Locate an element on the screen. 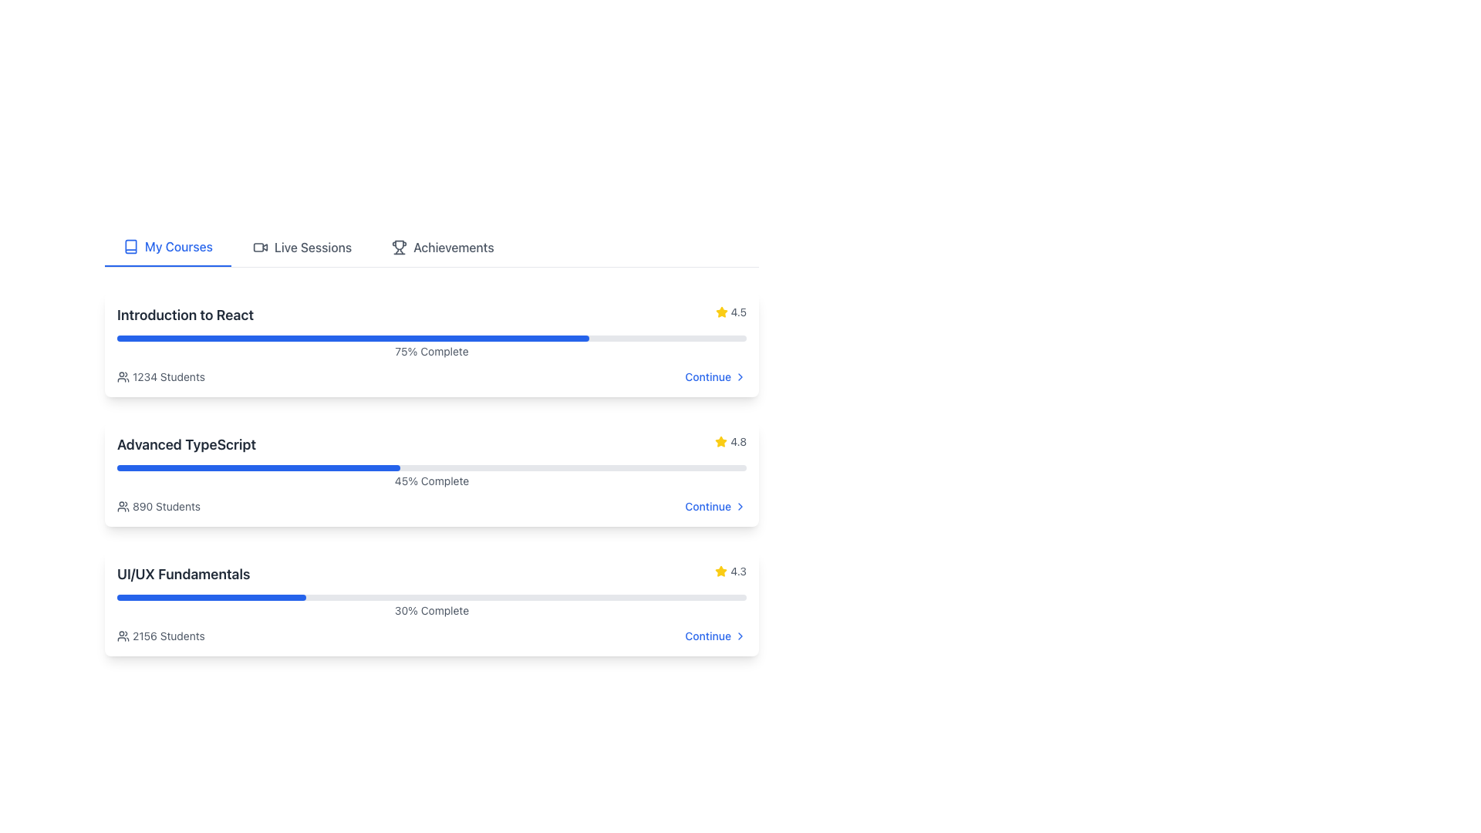  the text label indicating the currently active tab in the navigation menu, which represents the 'My Courses' section is located at coordinates (178, 246).